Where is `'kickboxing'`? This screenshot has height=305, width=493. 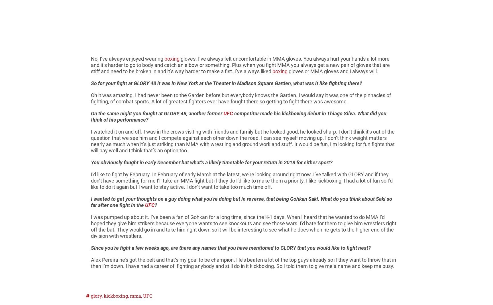
'kickboxing' is located at coordinates (116, 296).